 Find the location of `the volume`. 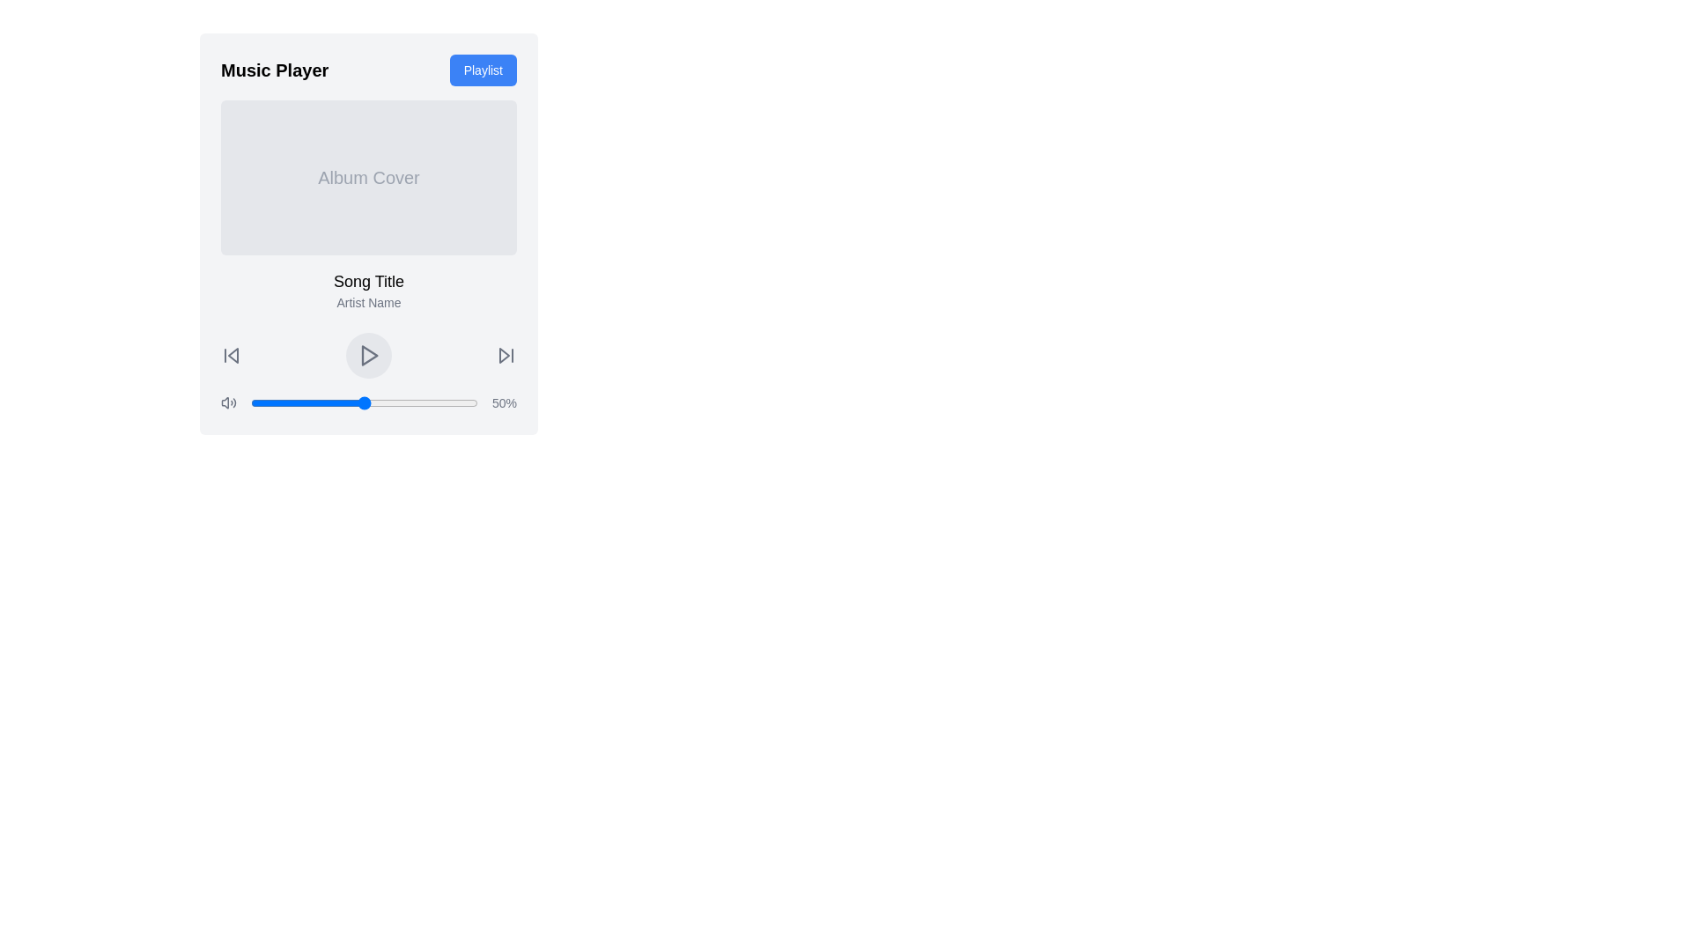

the volume is located at coordinates (447, 403).